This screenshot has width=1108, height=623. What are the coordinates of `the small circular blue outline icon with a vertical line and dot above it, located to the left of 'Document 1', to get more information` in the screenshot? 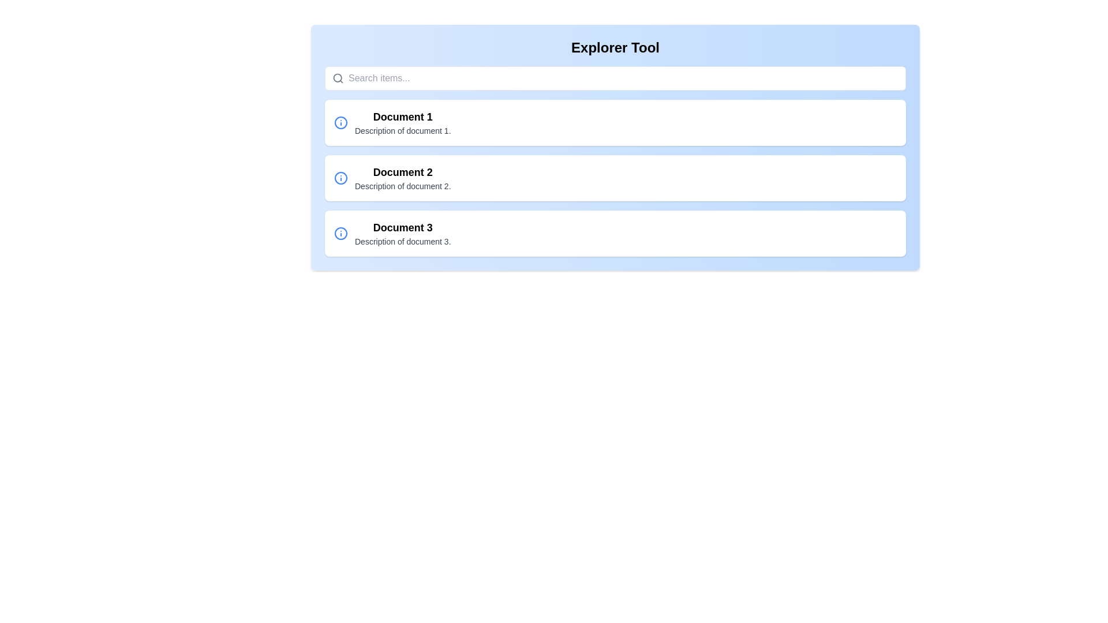 It's located at (340, 122).